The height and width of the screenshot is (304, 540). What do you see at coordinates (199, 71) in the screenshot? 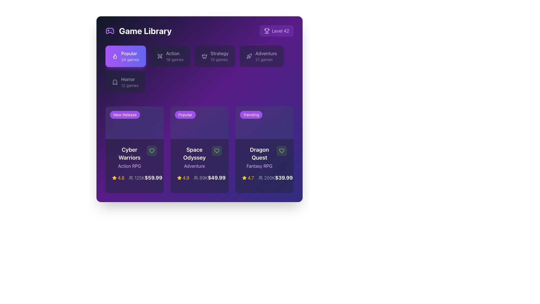
I see `the Horizontal Navigation Bar located below the 'Game Library' title and above the game items` at bounding box center [199, 71].